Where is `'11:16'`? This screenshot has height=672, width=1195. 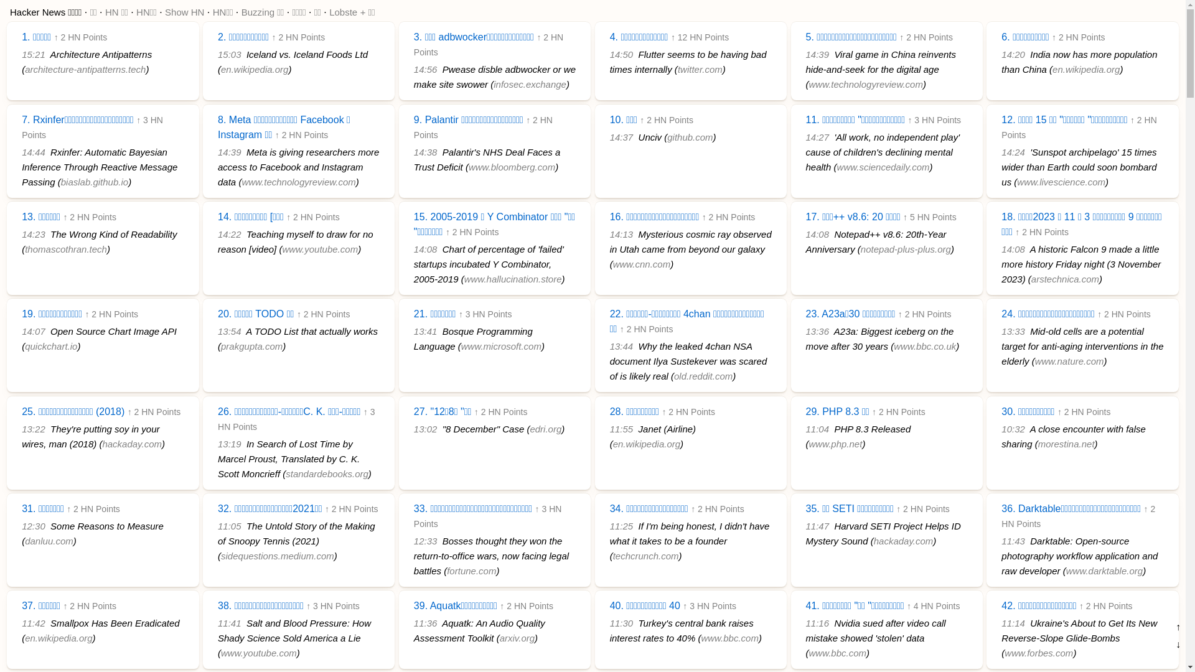 '11:16' is located at coordinates (817, 623).